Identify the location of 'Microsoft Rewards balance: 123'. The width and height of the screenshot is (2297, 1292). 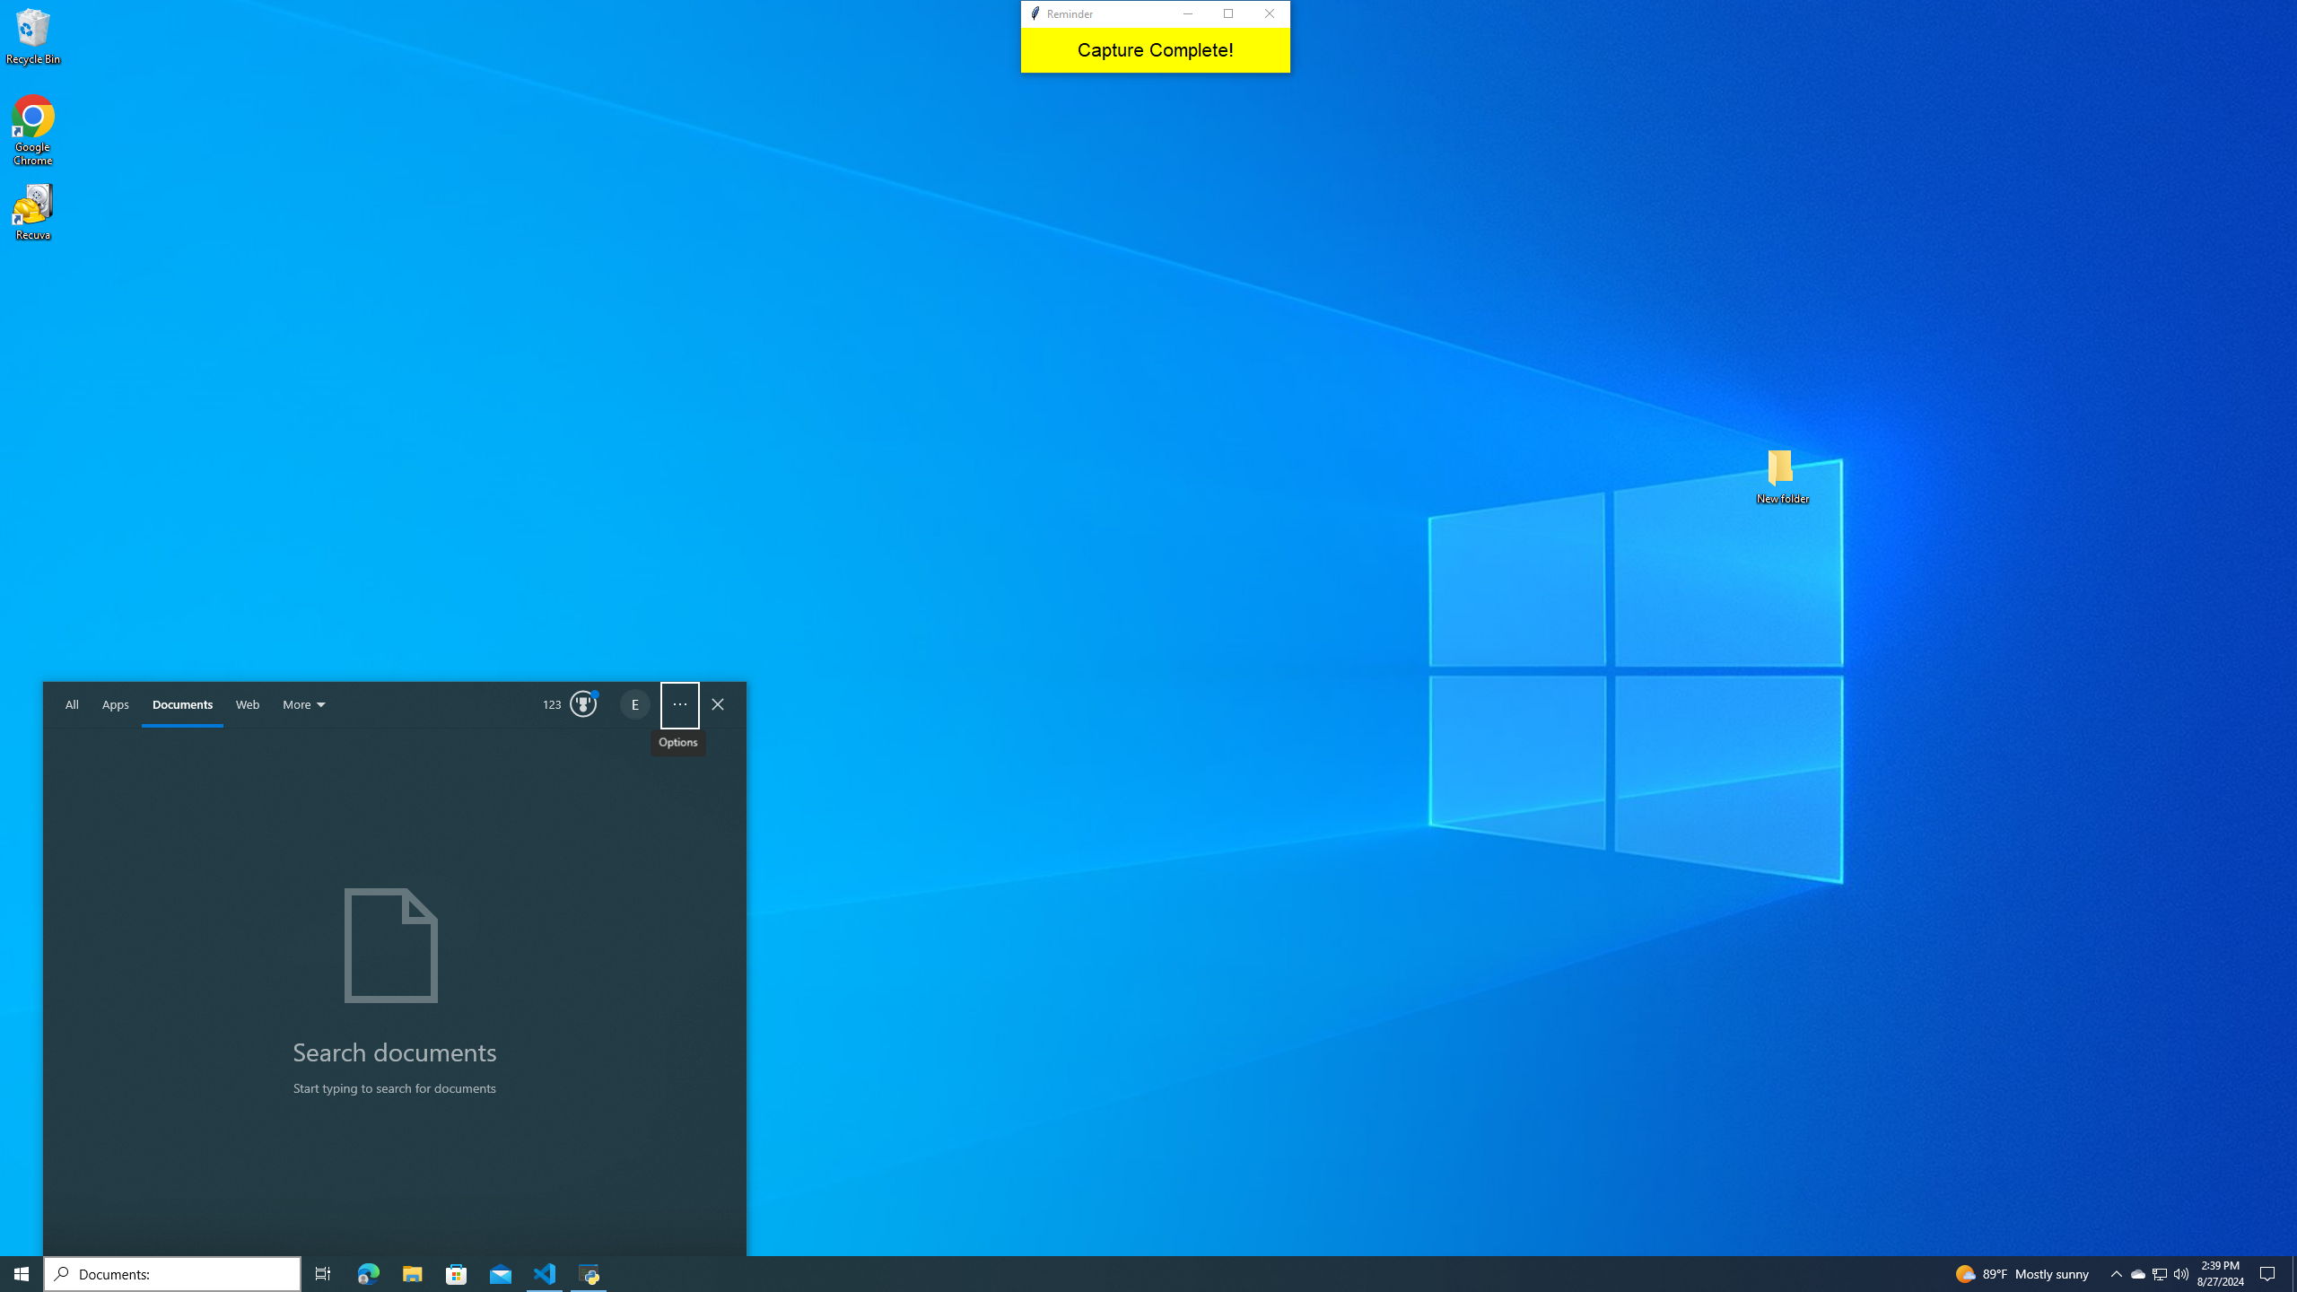
(570, 704).